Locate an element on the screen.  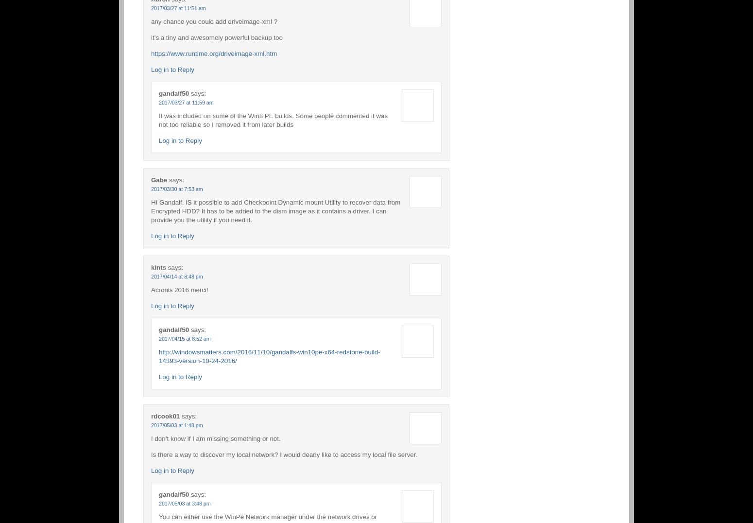
'http://windowsmatters.com/2016/11/10/gandalfs-win10pe-x64-redstone-build-14393-version-10-24-2016/' is located at coordinates (269, 355).